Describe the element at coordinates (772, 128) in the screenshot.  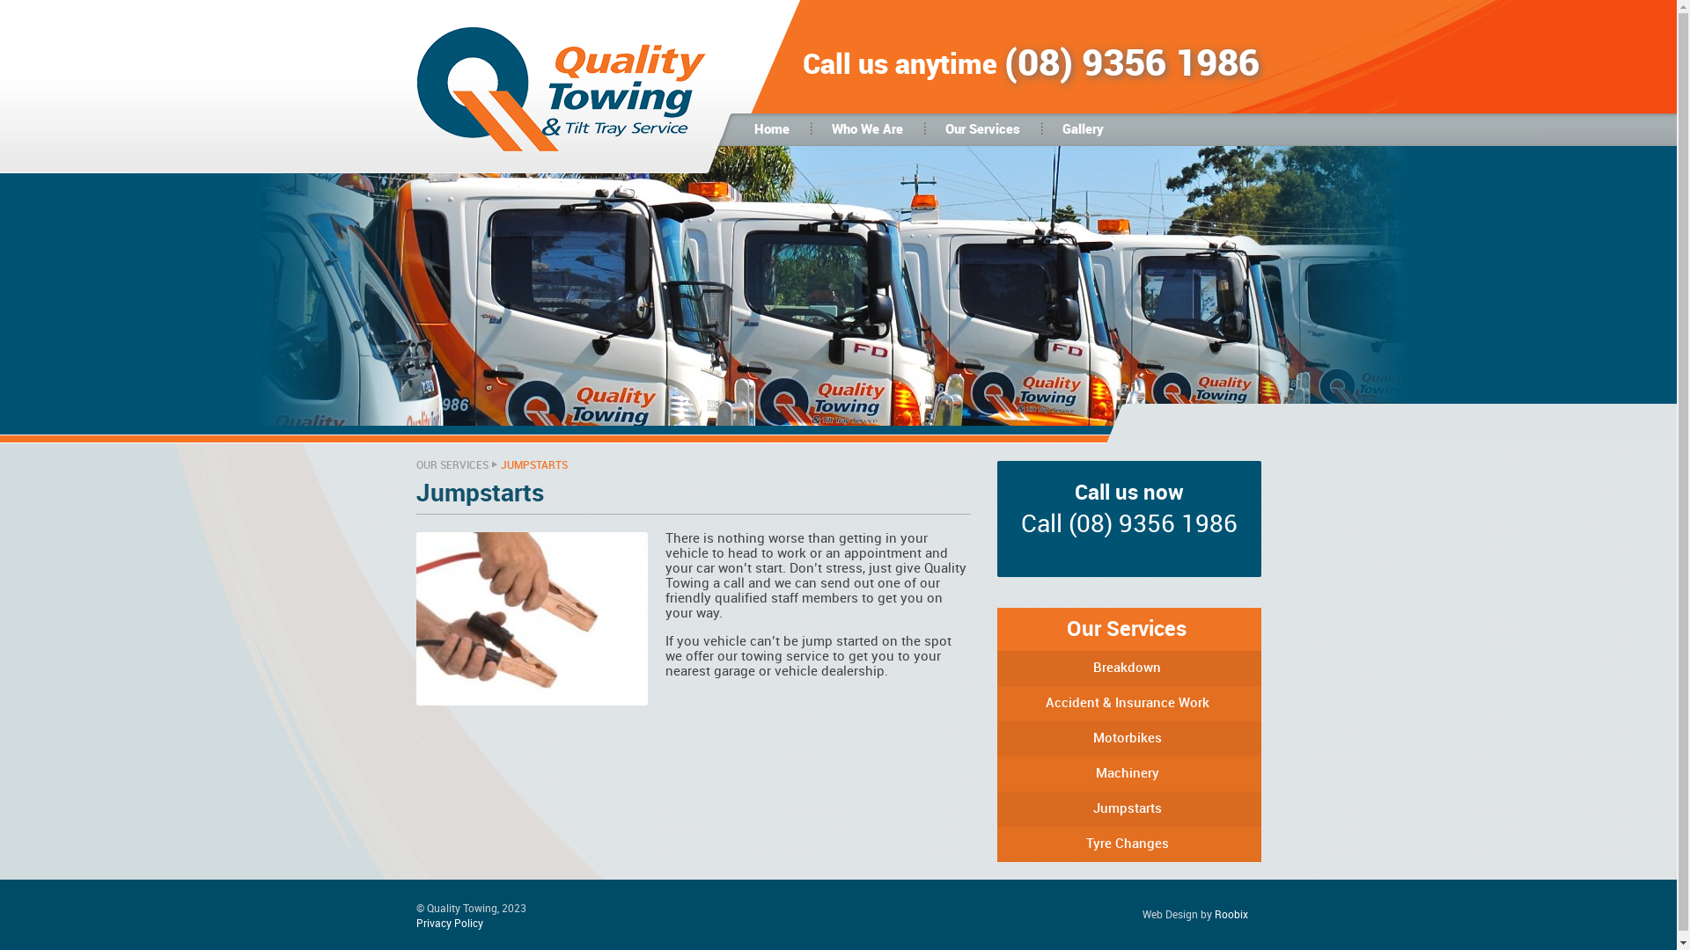
I see `'Home'` at that location.